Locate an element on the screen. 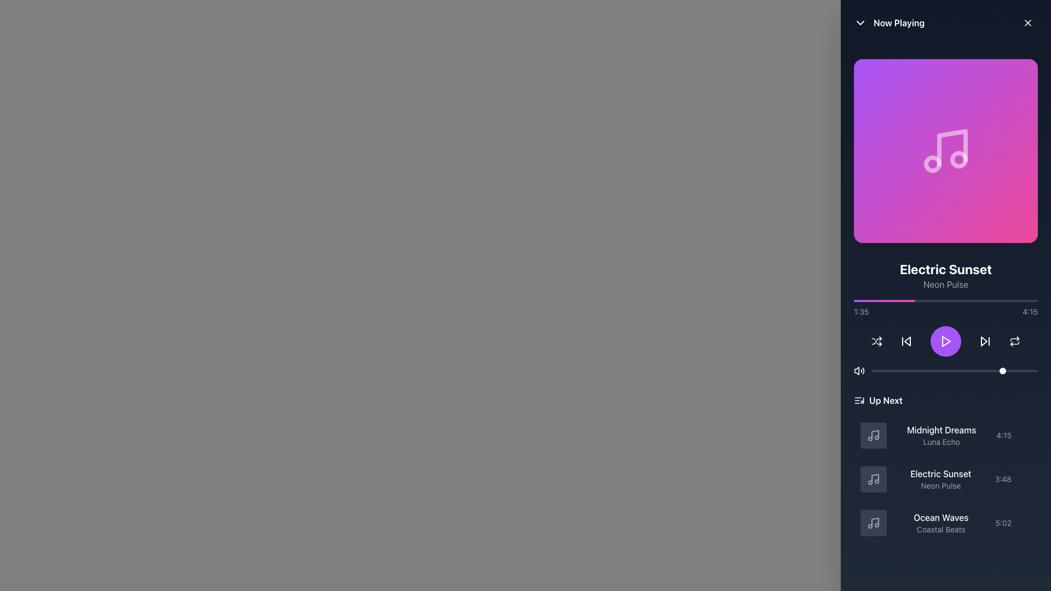 This screenshot has width=1051, height=591. the progress bar indicating the current playback position for the media titled 'Electric Sunset' with subtitle 'Neon Pulse' is located at coordinates (945, 308).